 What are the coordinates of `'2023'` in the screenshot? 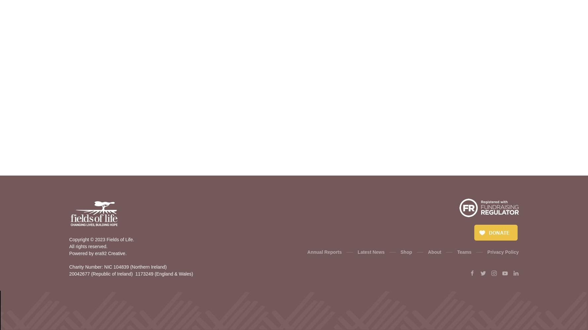 It's located at (100, 239).